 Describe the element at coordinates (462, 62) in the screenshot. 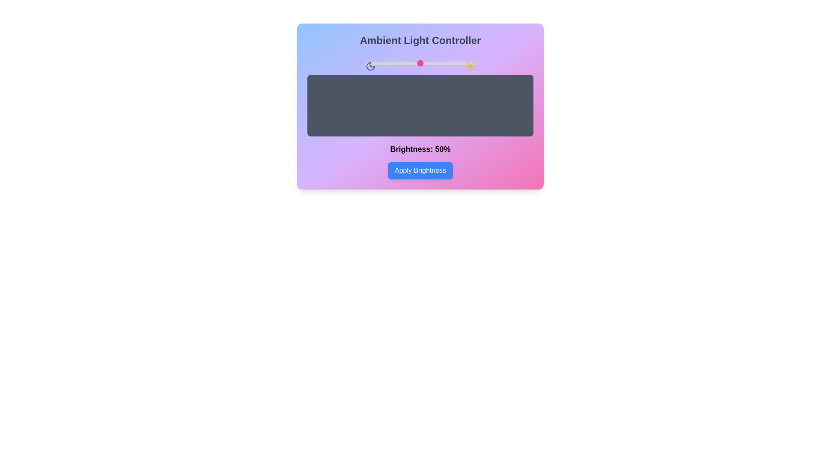

I see `the brightness slider to 88% to observe the change in the preview area` at that location.